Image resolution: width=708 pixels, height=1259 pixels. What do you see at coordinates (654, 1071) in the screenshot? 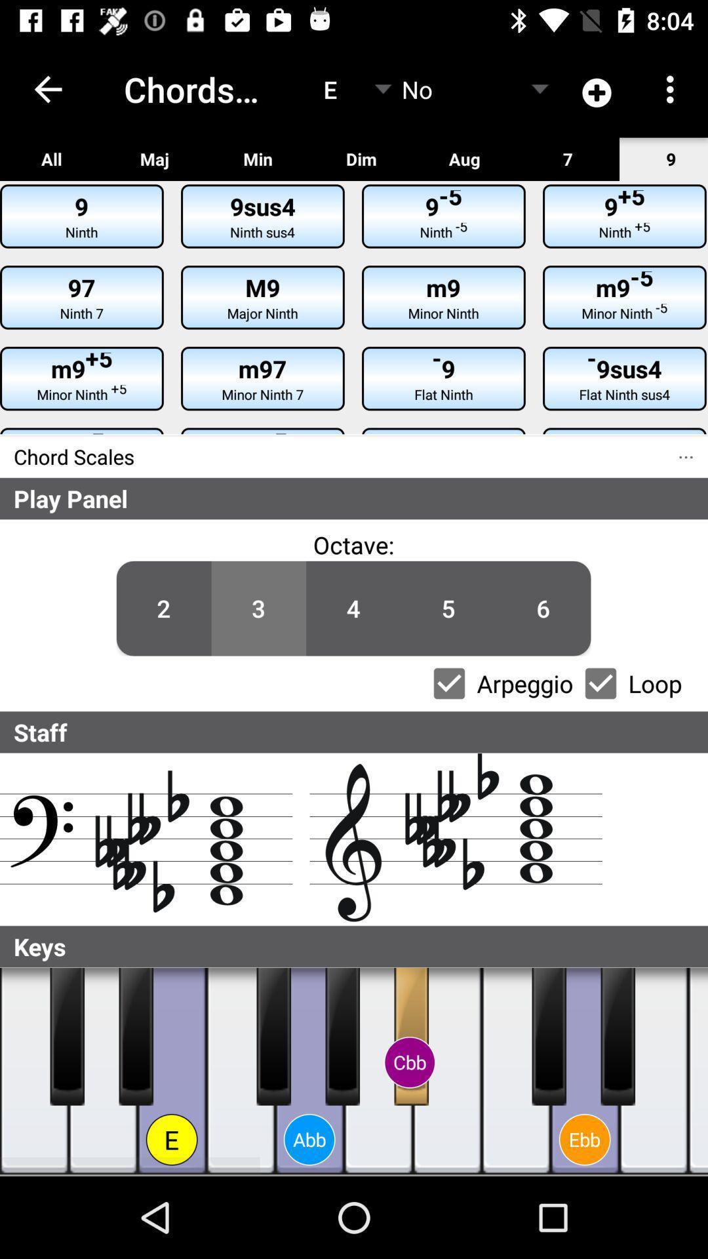
I see `selected note` at bounding box center [654, 1071].